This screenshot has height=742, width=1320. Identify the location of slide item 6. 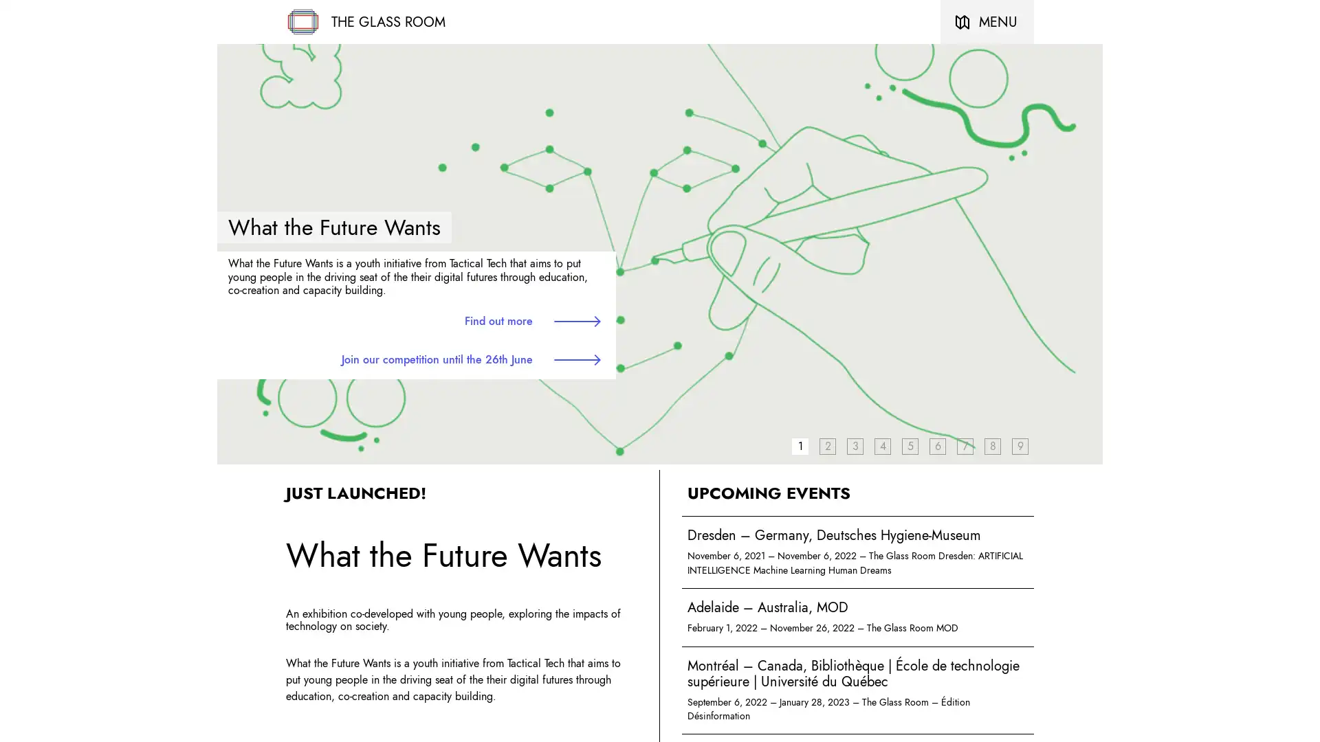
(936, 445).